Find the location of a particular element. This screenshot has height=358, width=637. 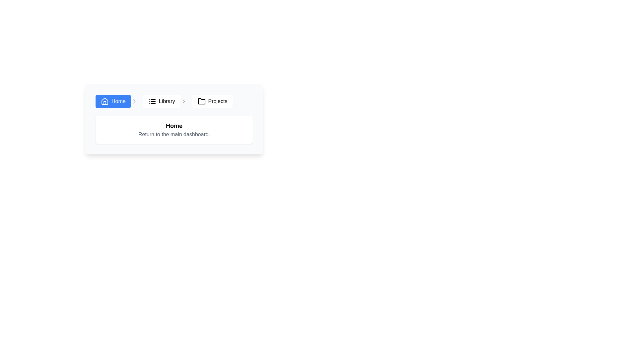

the 'Home' button icon is located at coordinates (105, 101).